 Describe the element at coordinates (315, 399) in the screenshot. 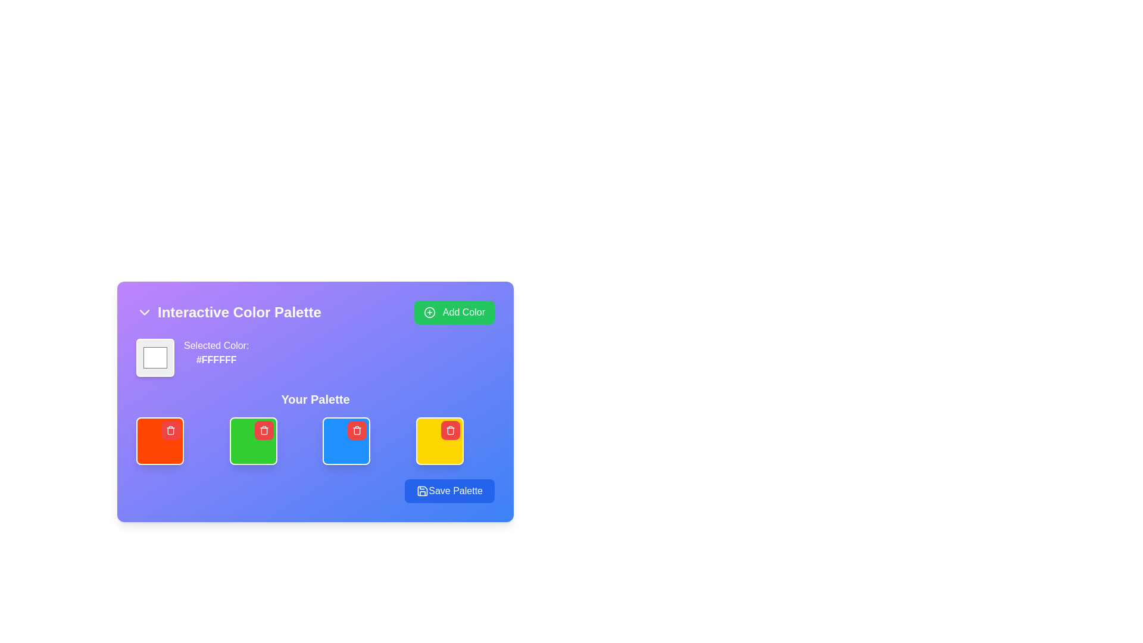

I see `the text label 'Your Palette' which is styled with a bold, large white font on a gradient purple background, located centrally above a grid layout` at that location.